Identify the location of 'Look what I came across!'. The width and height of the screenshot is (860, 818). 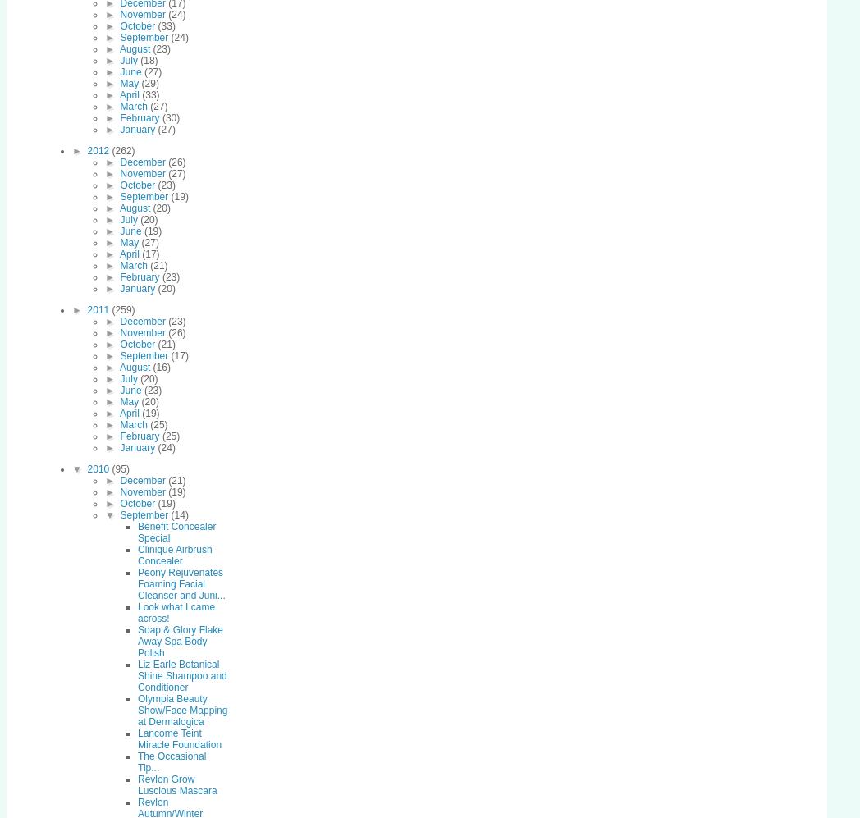
(137, 612).